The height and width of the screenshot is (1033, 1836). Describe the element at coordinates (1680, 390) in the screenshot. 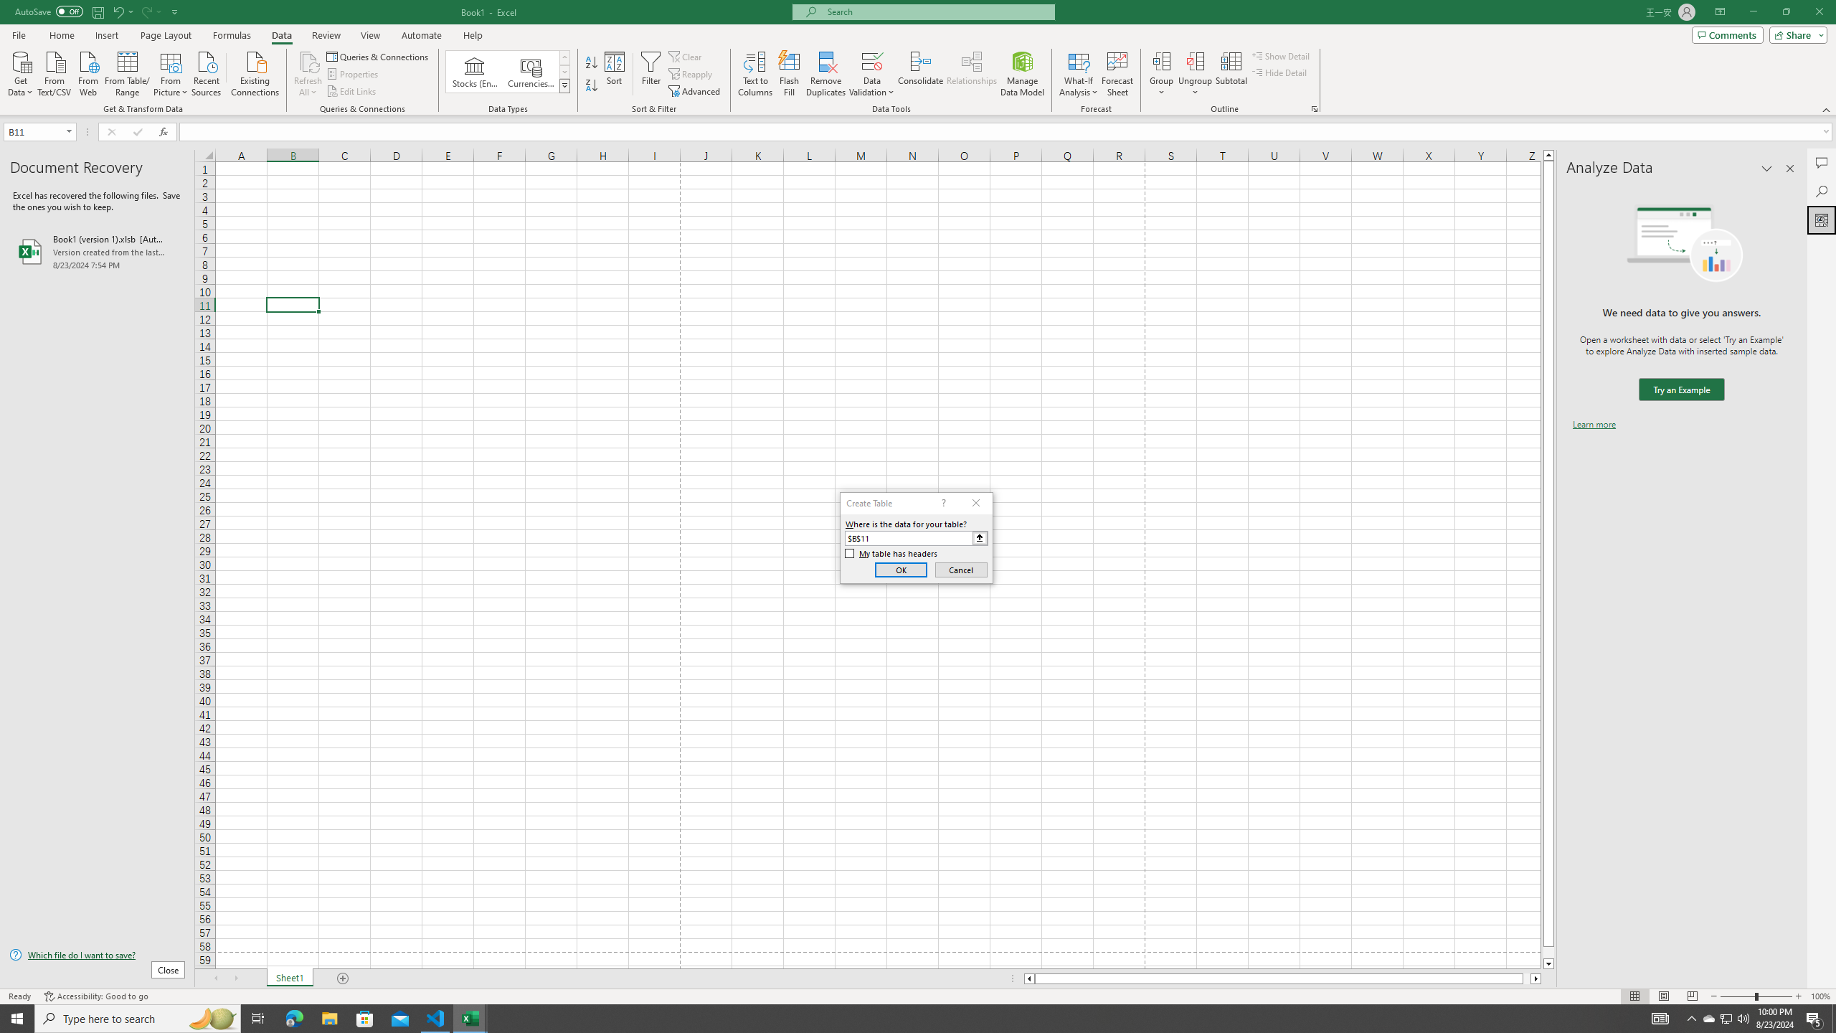

I see `'We need data to give you answers. Try an Example'` at that location.